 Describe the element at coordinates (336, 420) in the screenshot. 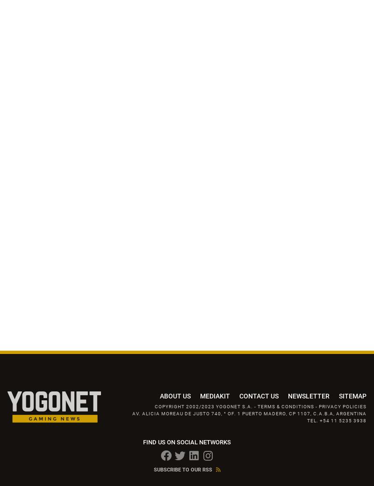

I see `'TEL. +54 11 5235 3938'` at that location.